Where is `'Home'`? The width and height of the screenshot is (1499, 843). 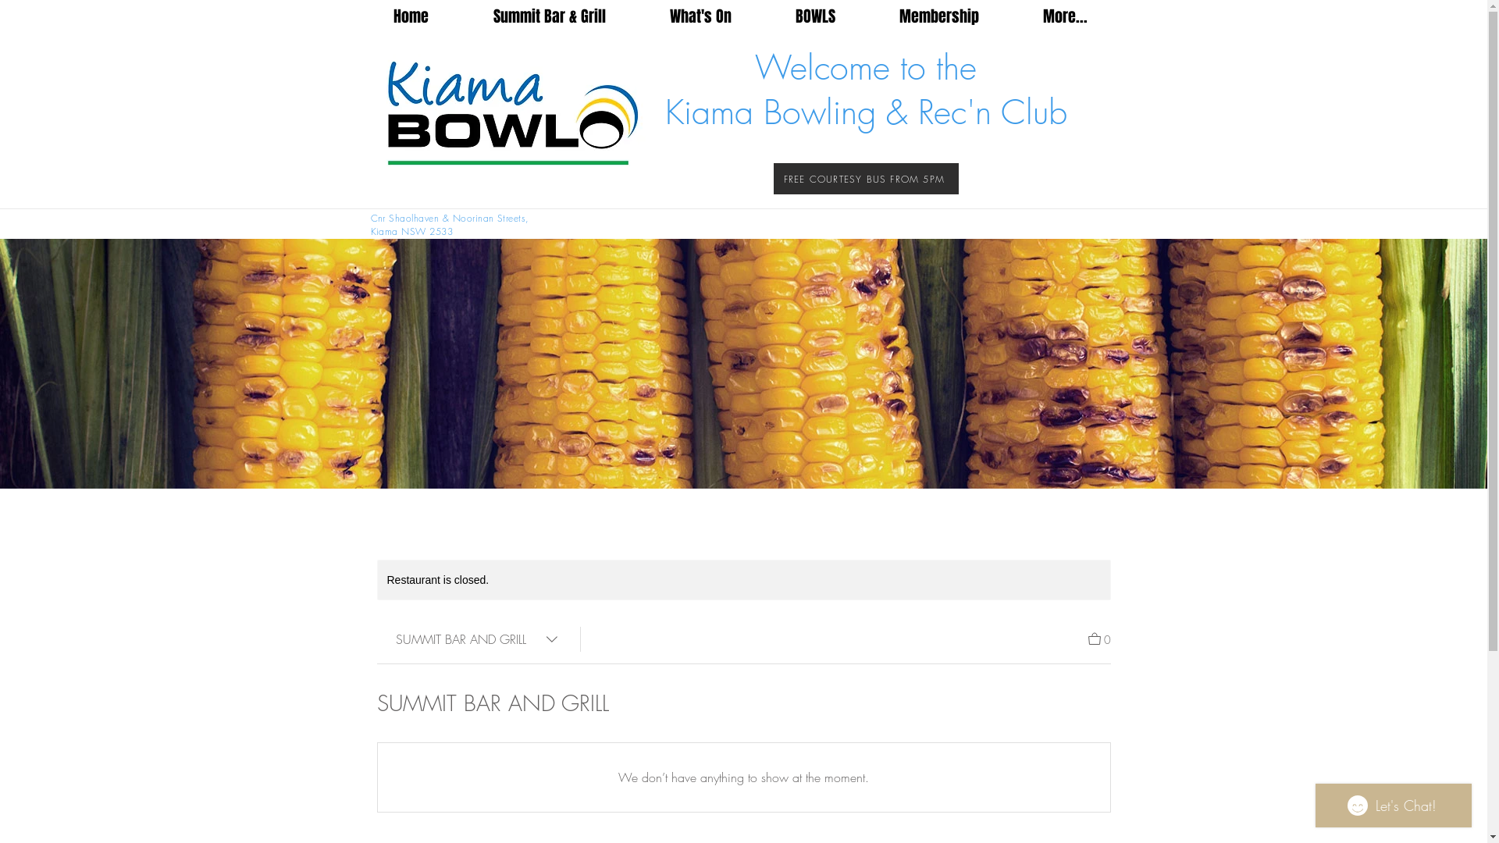 'Home' is located at coordinates (411, 16).